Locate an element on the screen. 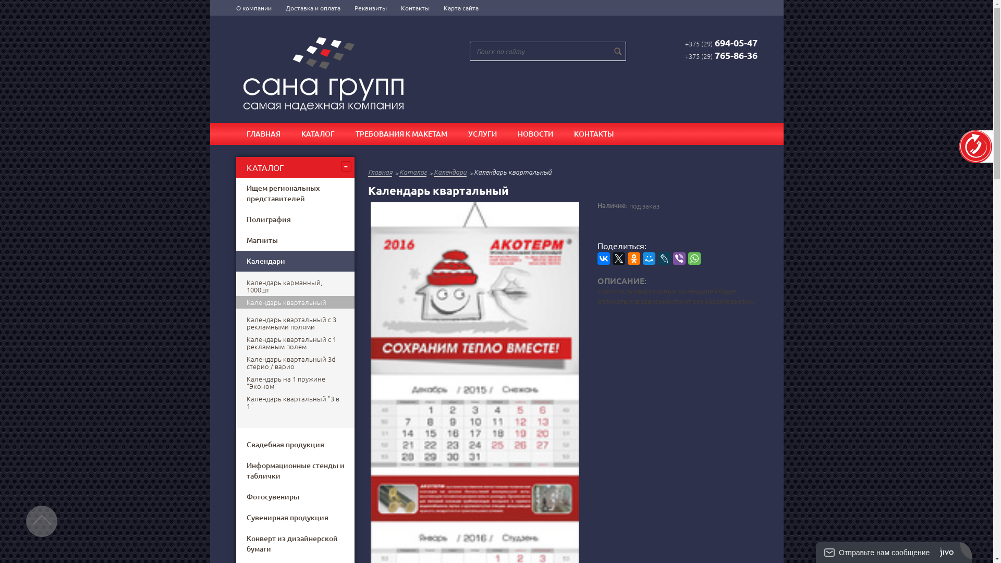  '+375 (29)694-05-47' is located at coordinates (685, 43).